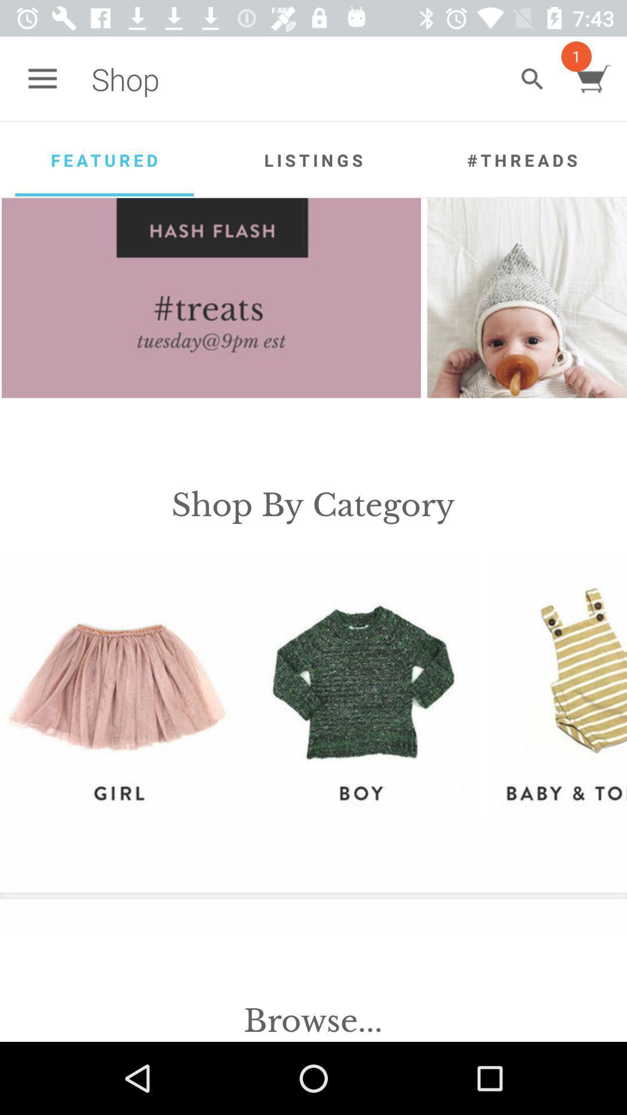 The width and height of the screenshot is (627, 1115). What do you see at coordinates (118, 689) in the screenshot?
I see `category select option` at bounding box center [118, 689].